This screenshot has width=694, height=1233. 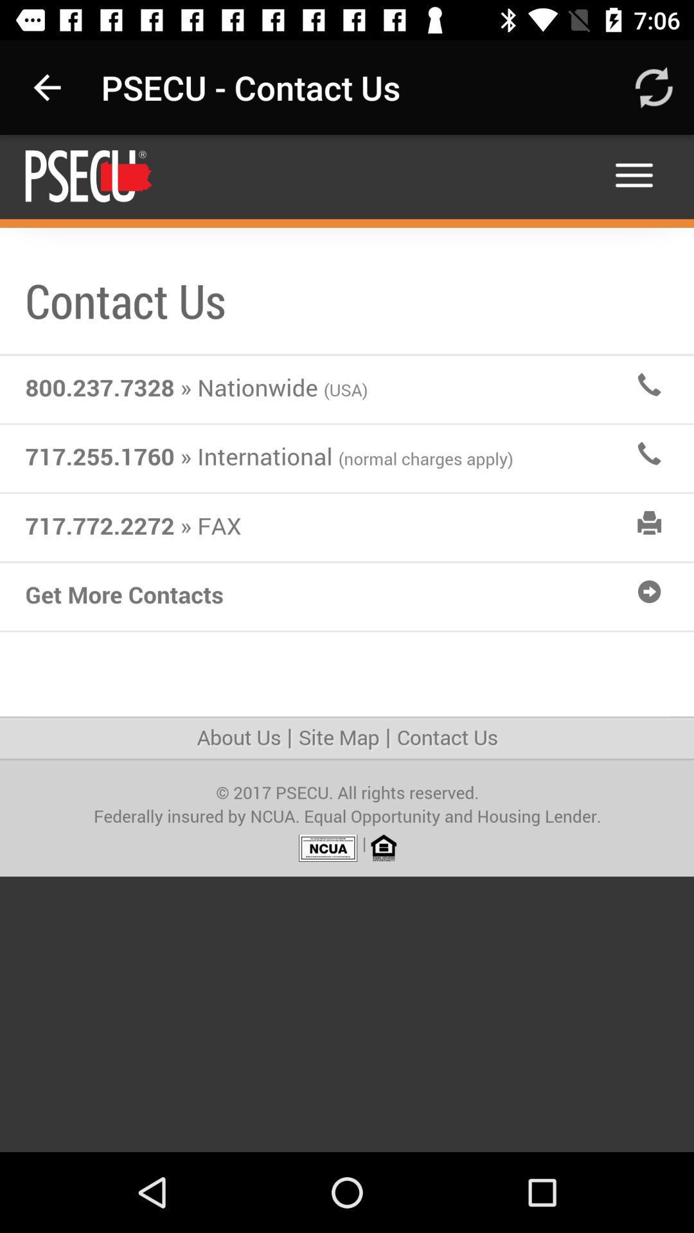 What do you see at coordinates (347, 643) in the screenshot?
I see `psecu contact us page` at bounding box center [347, 643].